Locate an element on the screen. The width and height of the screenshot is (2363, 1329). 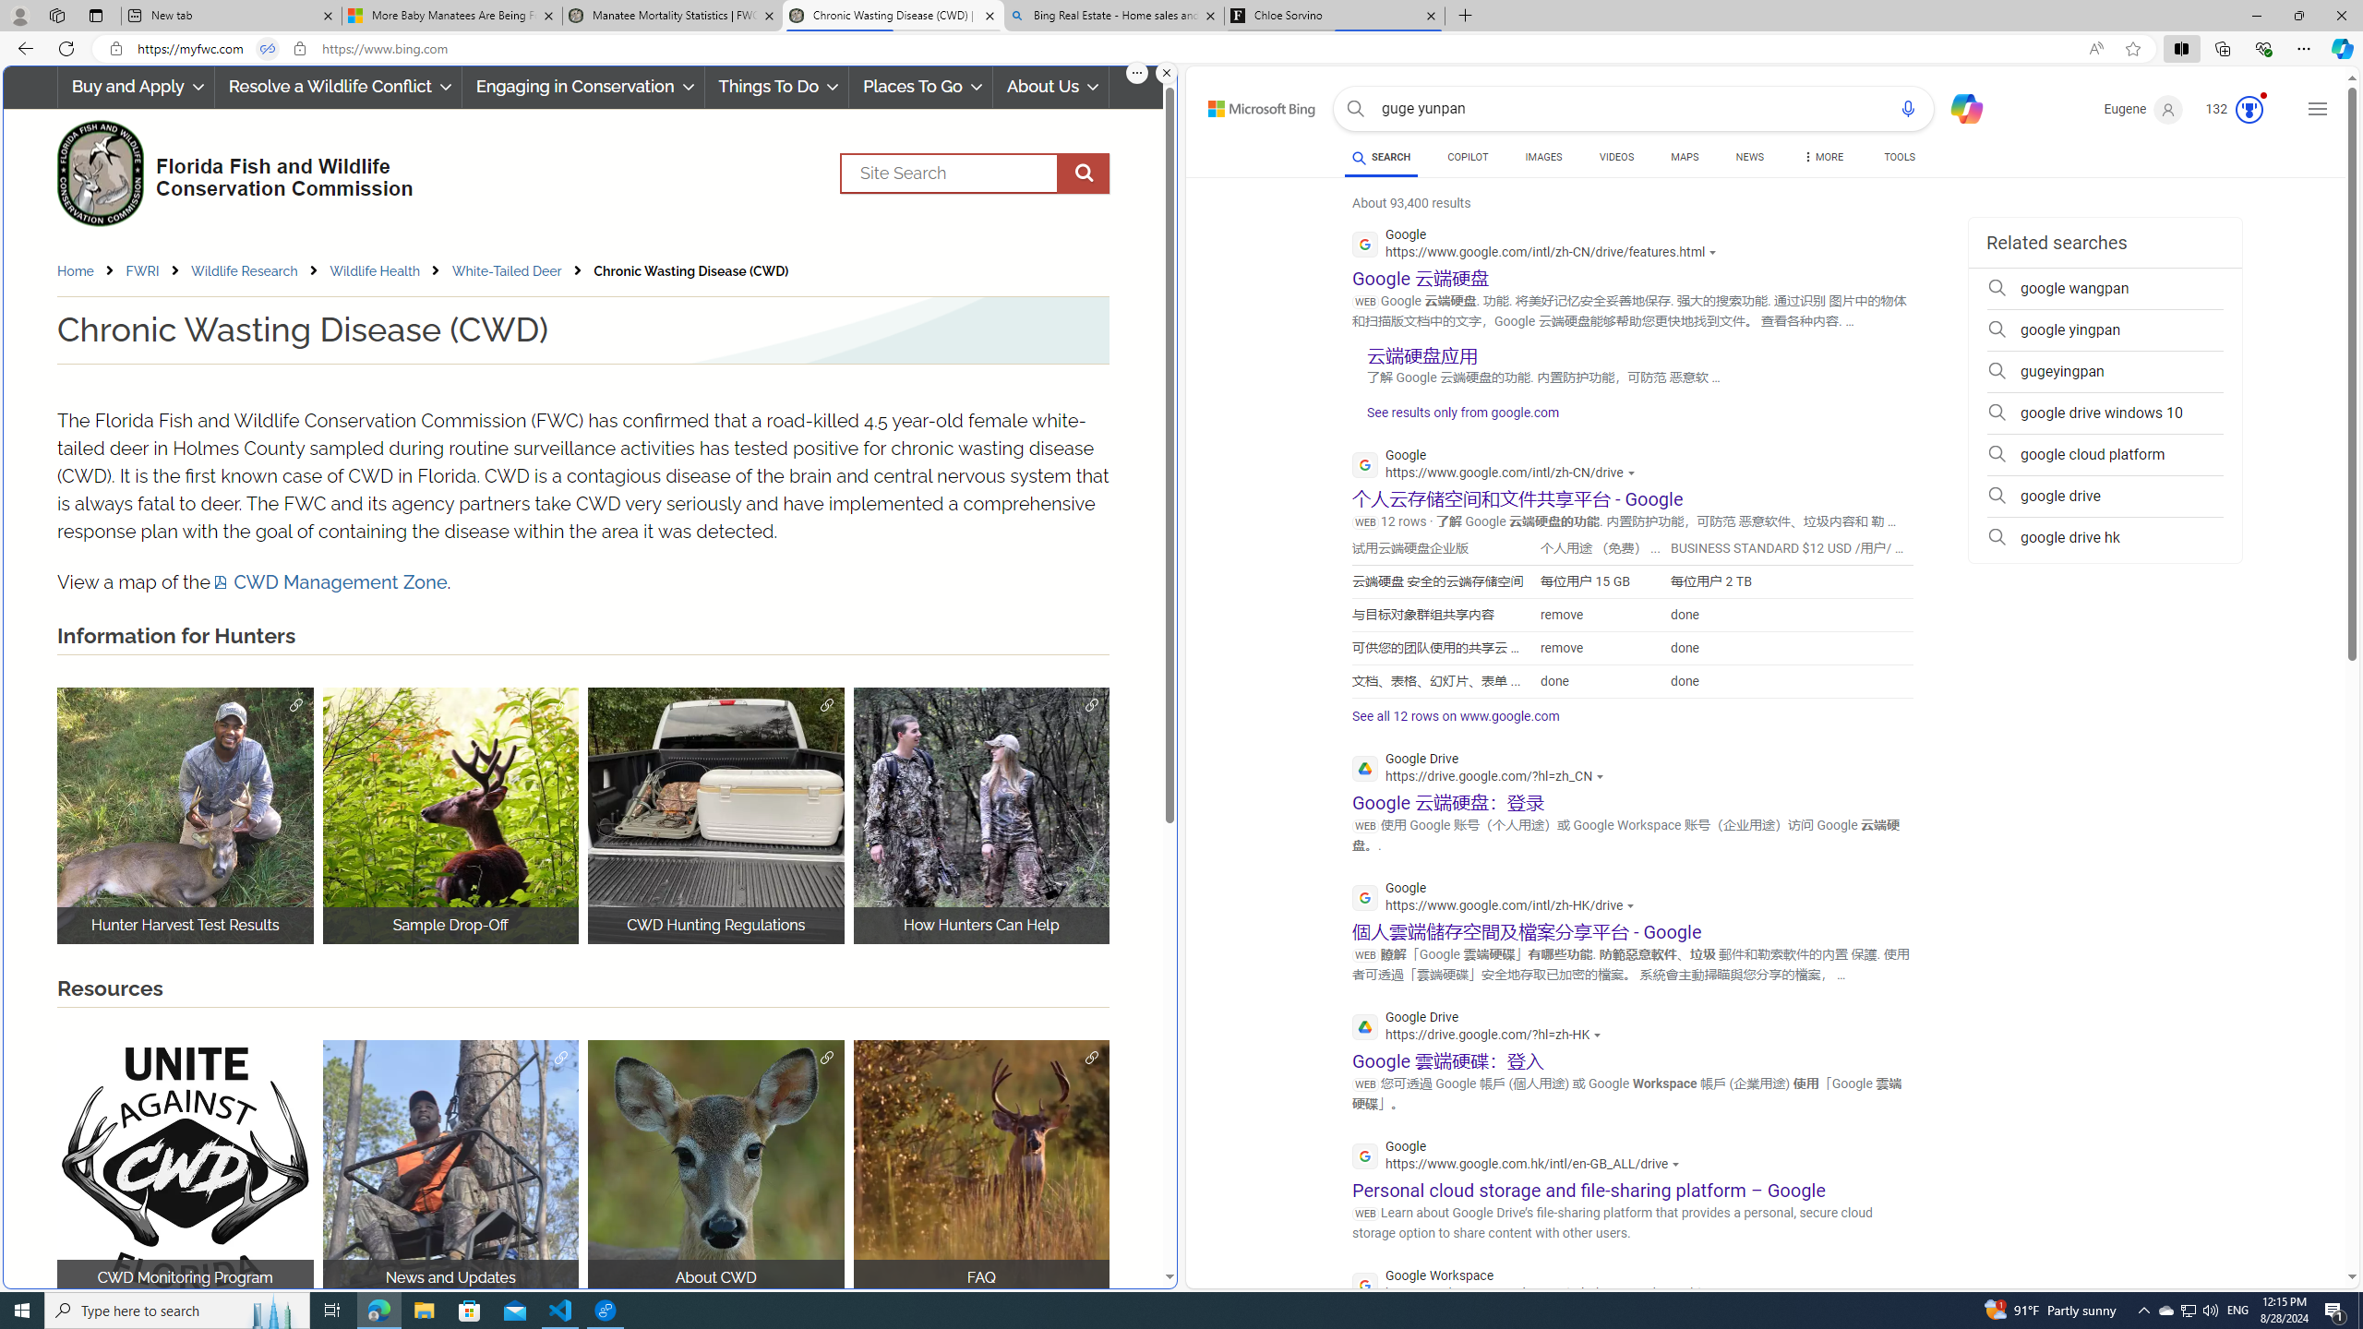
'Hunter Harvest Test Results Hunter Harvest' is located at coordinates (184, 814).